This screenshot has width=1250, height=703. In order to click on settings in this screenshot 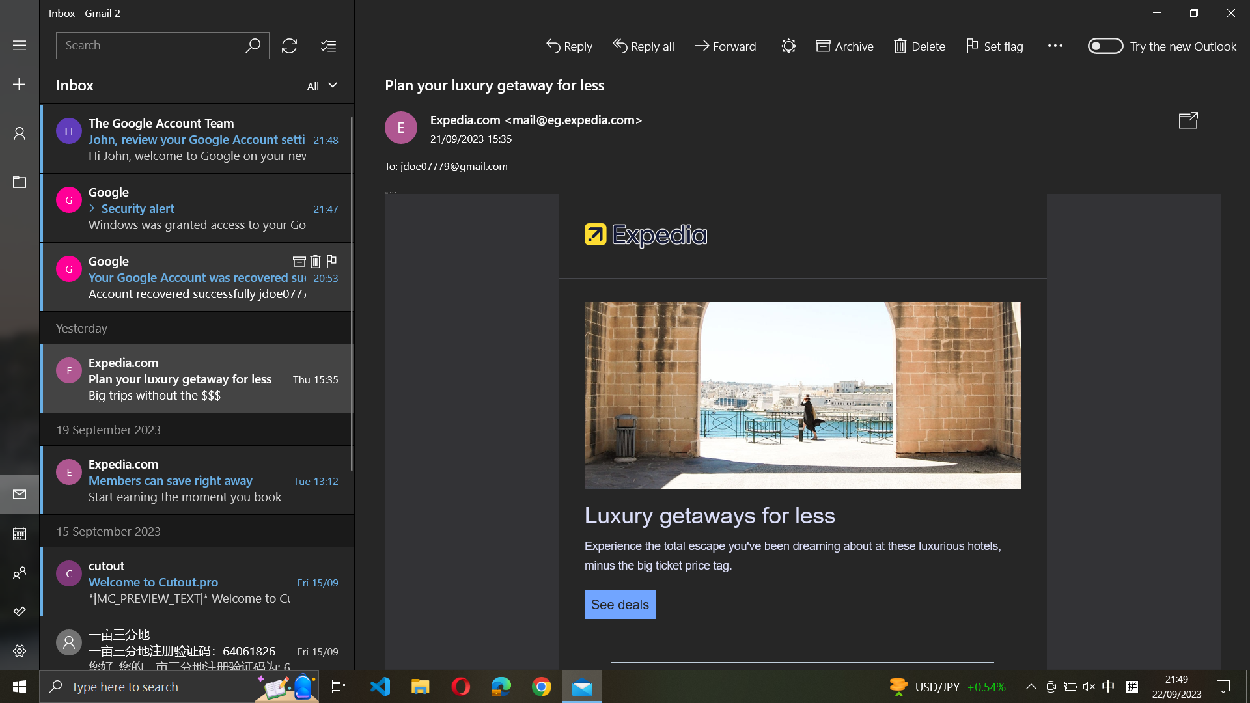, I will do `click(19, 652)`.